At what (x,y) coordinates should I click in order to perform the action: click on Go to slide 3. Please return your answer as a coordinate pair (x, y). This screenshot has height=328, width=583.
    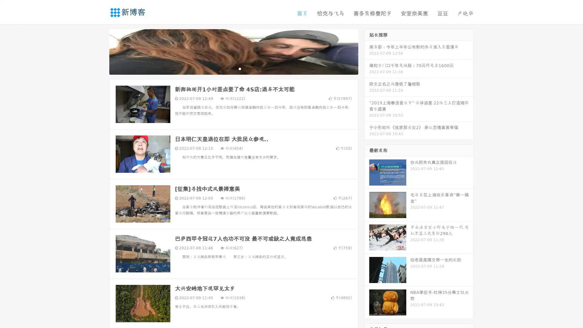
    Looking at the image, I should click on (240, 68).